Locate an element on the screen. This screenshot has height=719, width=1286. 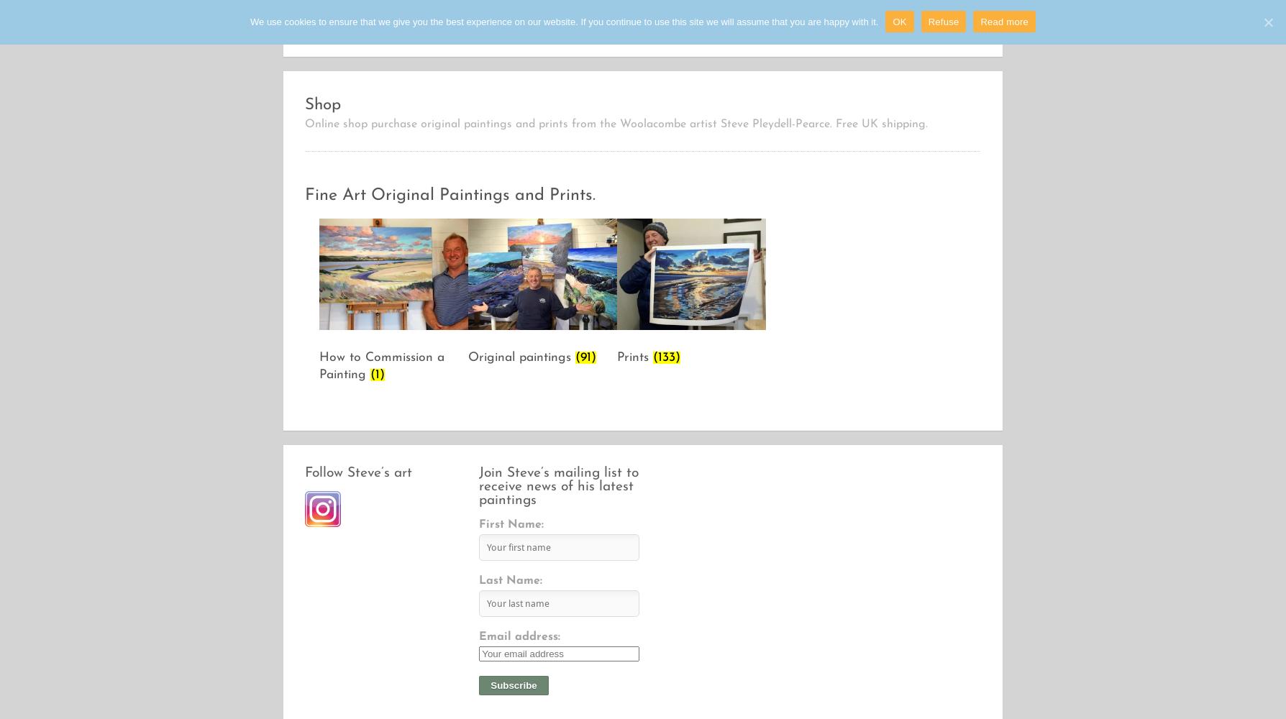
'Email address:' is located at coordinates (519, 637).